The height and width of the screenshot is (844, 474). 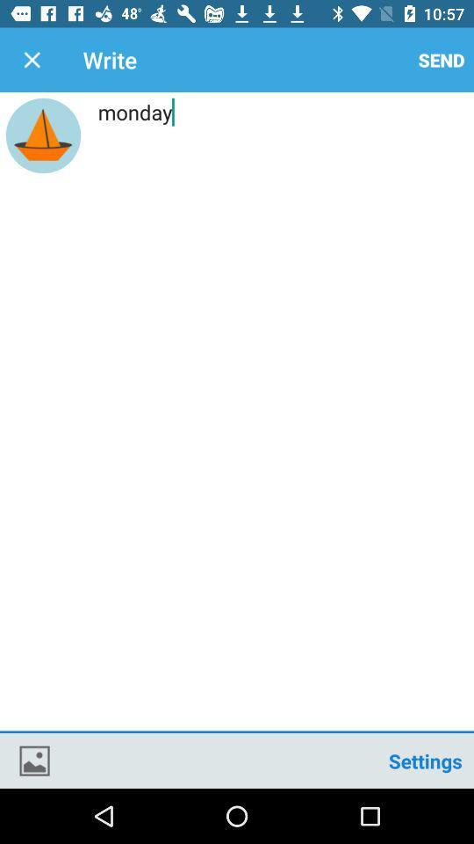 What do you see at coordinates (441, 60) in the screenshot?
I see `the icon to the right of write item` at bounding box center [441, 60].